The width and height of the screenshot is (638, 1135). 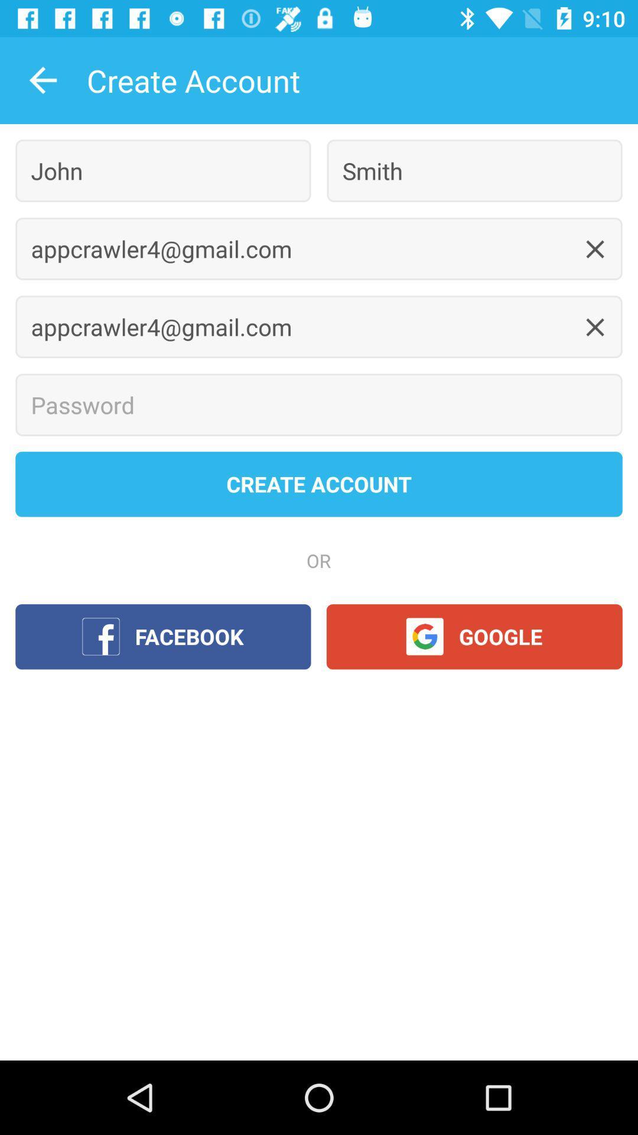 What do you see at coordinates (474, 170) in the screenshot?
I see `the smith` at bounding box center [474, 170].